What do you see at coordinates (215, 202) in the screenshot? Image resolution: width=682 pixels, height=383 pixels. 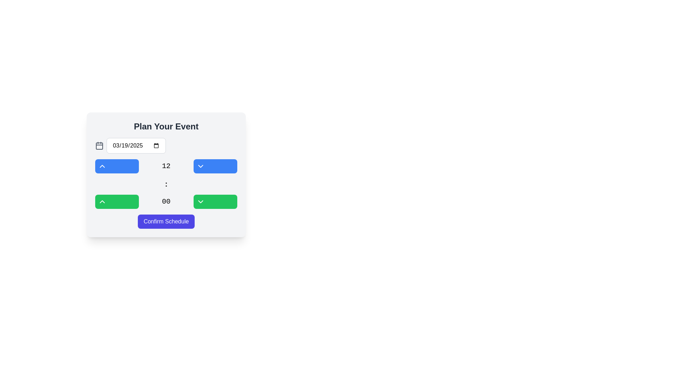 I see `the green rectangular button with rounded corners that features a white downward-pointing chevron, located in the bottom-right section of the time selection interface, to observe any design effects` at bounding box center [215, 202].